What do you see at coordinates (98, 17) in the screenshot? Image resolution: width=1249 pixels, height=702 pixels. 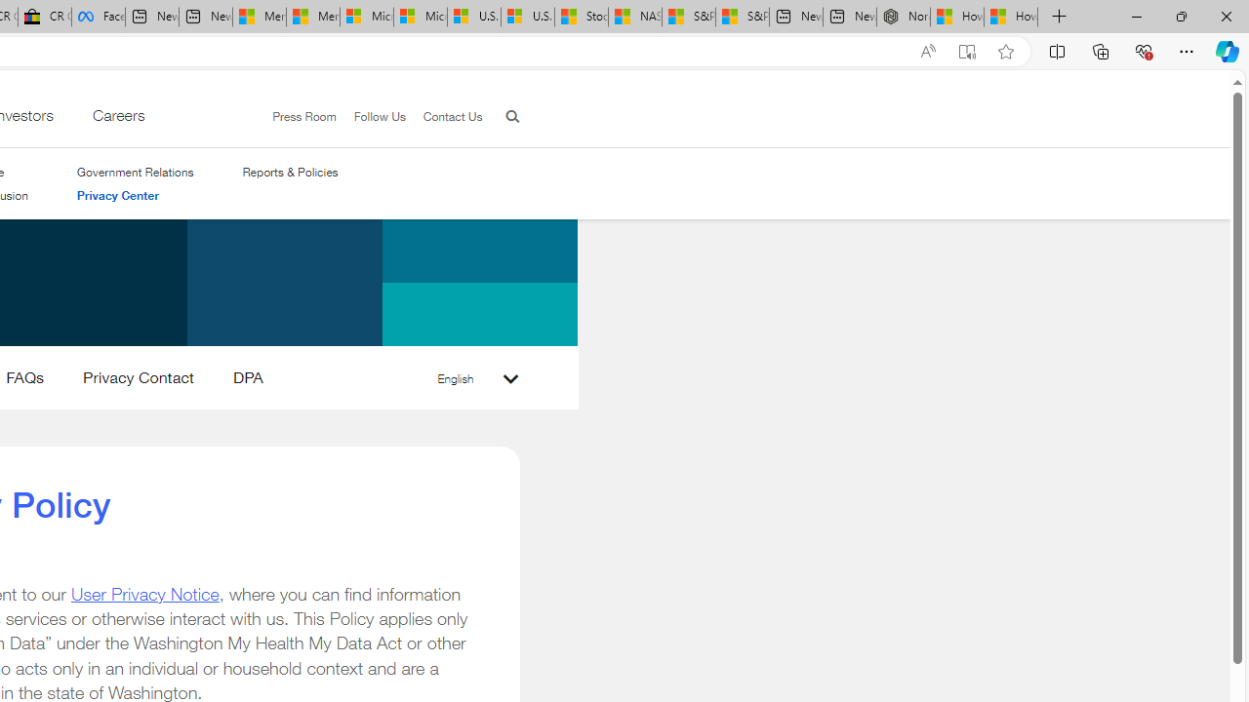 I see `'Facebook'` at bounding box center [98, 17].